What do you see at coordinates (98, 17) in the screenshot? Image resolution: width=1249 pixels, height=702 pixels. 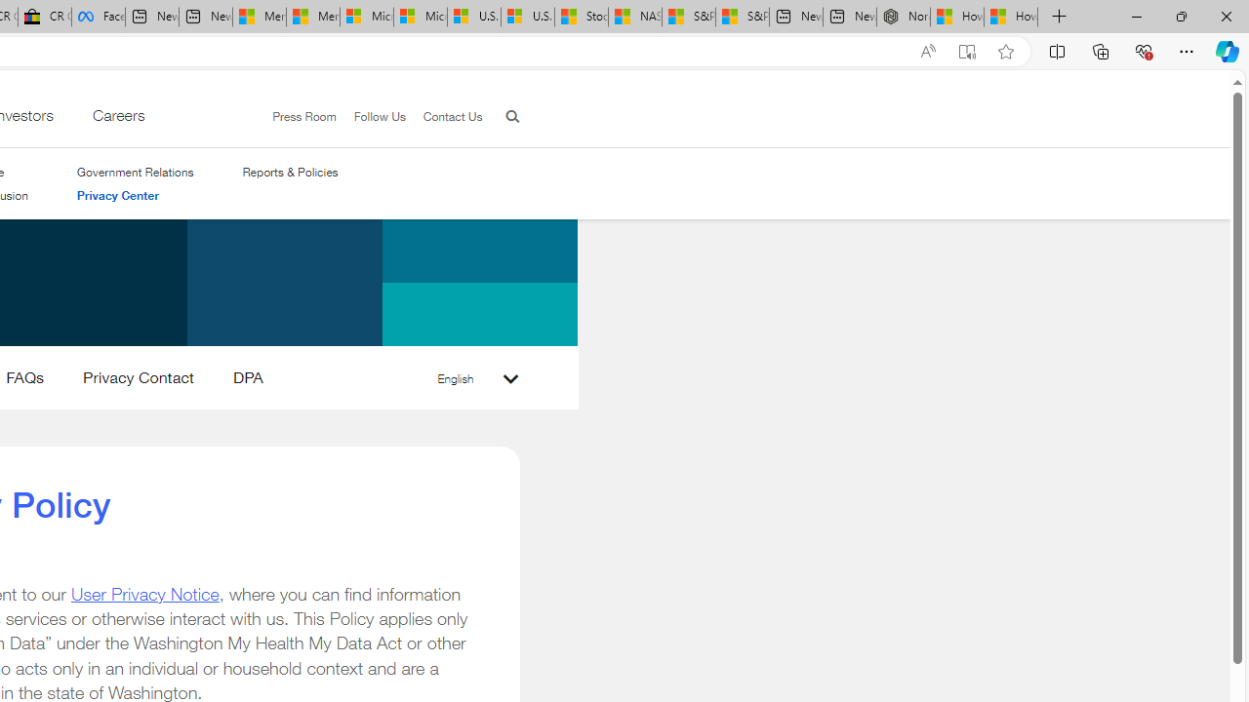 I see `'Facebook'` at bounding box center [98, 17].